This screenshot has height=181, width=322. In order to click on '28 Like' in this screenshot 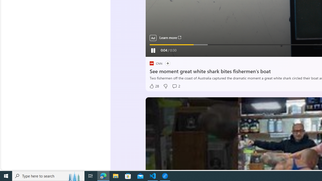, I will do `click(153, 86)`.